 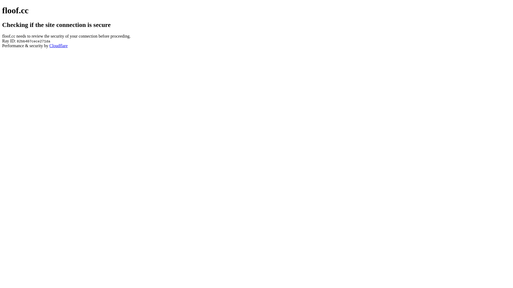 What do you see at coordinates (59, 45) in the screenshot?
I see `'Cloudflare'` at bounding box center [59, 45].